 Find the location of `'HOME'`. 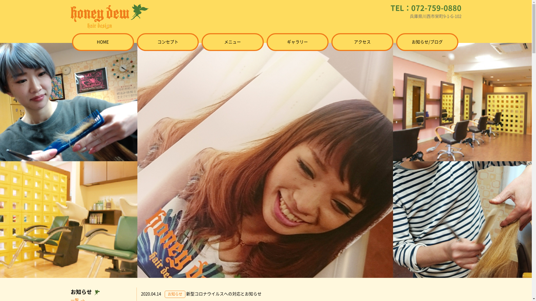

'HOME' is located at coordinates (103, 42).